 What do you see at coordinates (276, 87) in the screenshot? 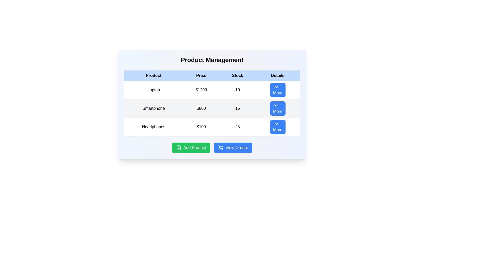
I see `the Chevron indicator located within the 'More' button in the first row of the 'Details' column for keyboard navigation` at bounding box center [276, 87].